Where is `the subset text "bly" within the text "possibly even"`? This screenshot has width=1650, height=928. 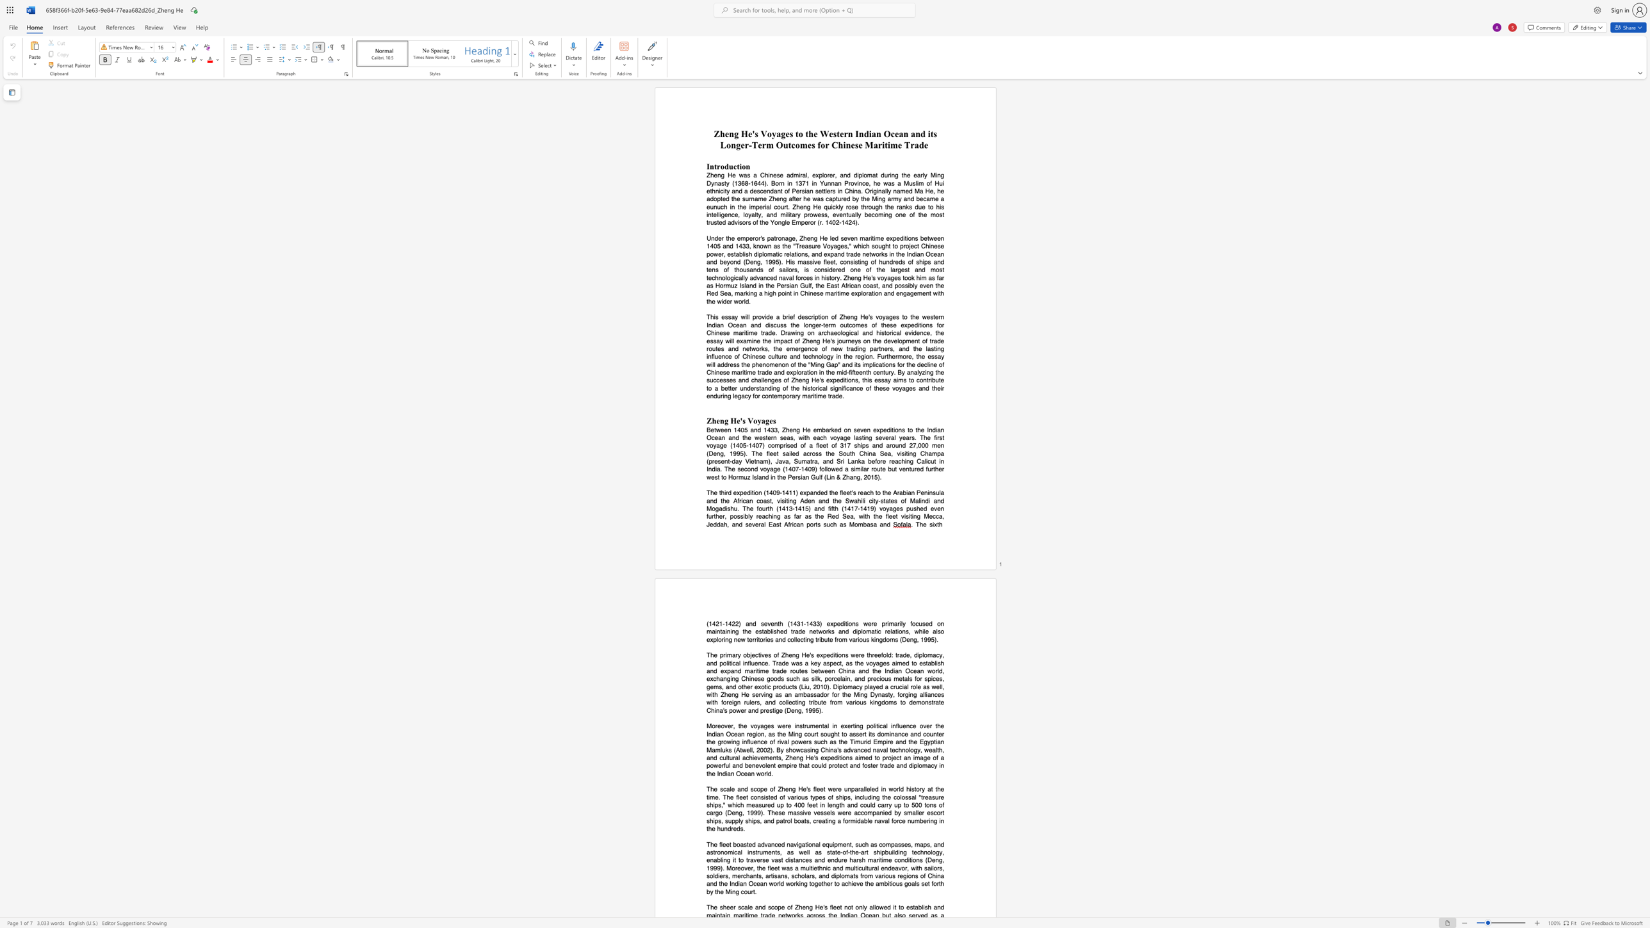 the subset text "bly" within the text "possibly even" is located at coordinates (909, 285).